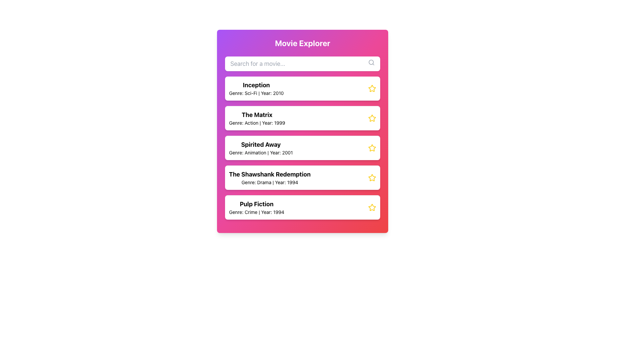  What do you see at coordinates (270, 174) in the screenshot?
I see `title text label of the movie located in the movie detail card, positioned above the subtitle containing the genre and year details` at bounding box center [270, 174].